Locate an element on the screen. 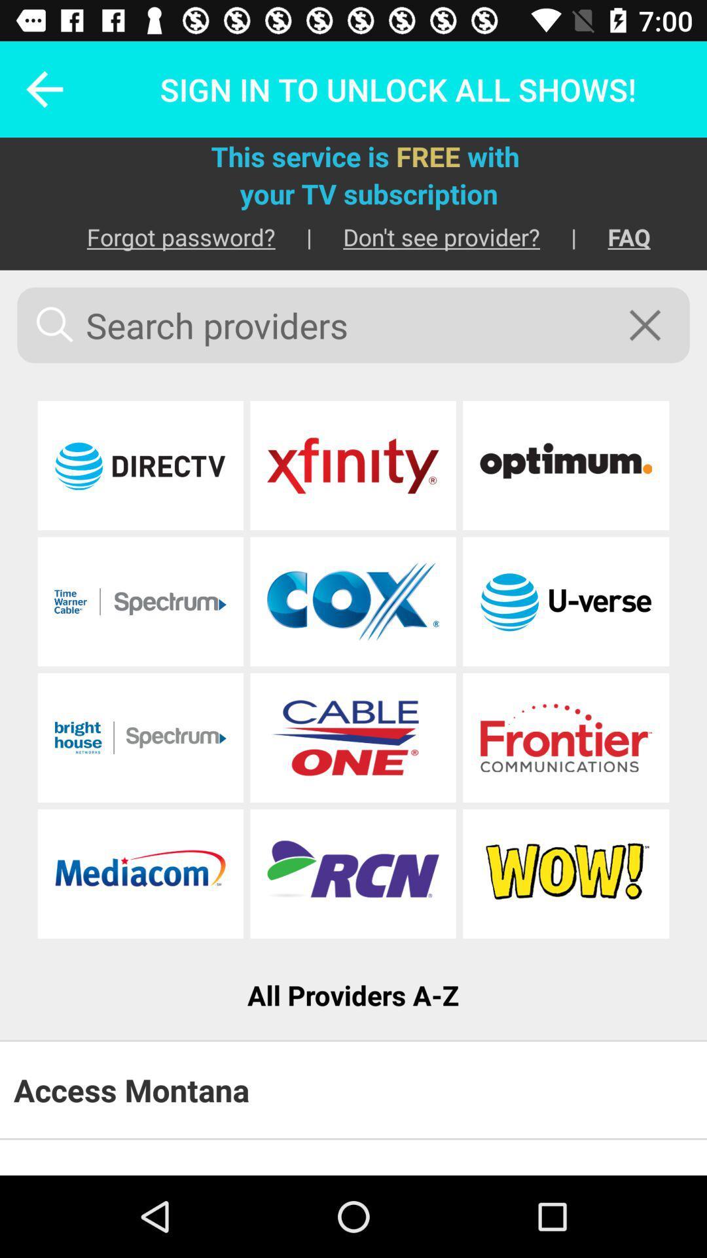  icon below forgot password? item is located at coordinates (353, 325).